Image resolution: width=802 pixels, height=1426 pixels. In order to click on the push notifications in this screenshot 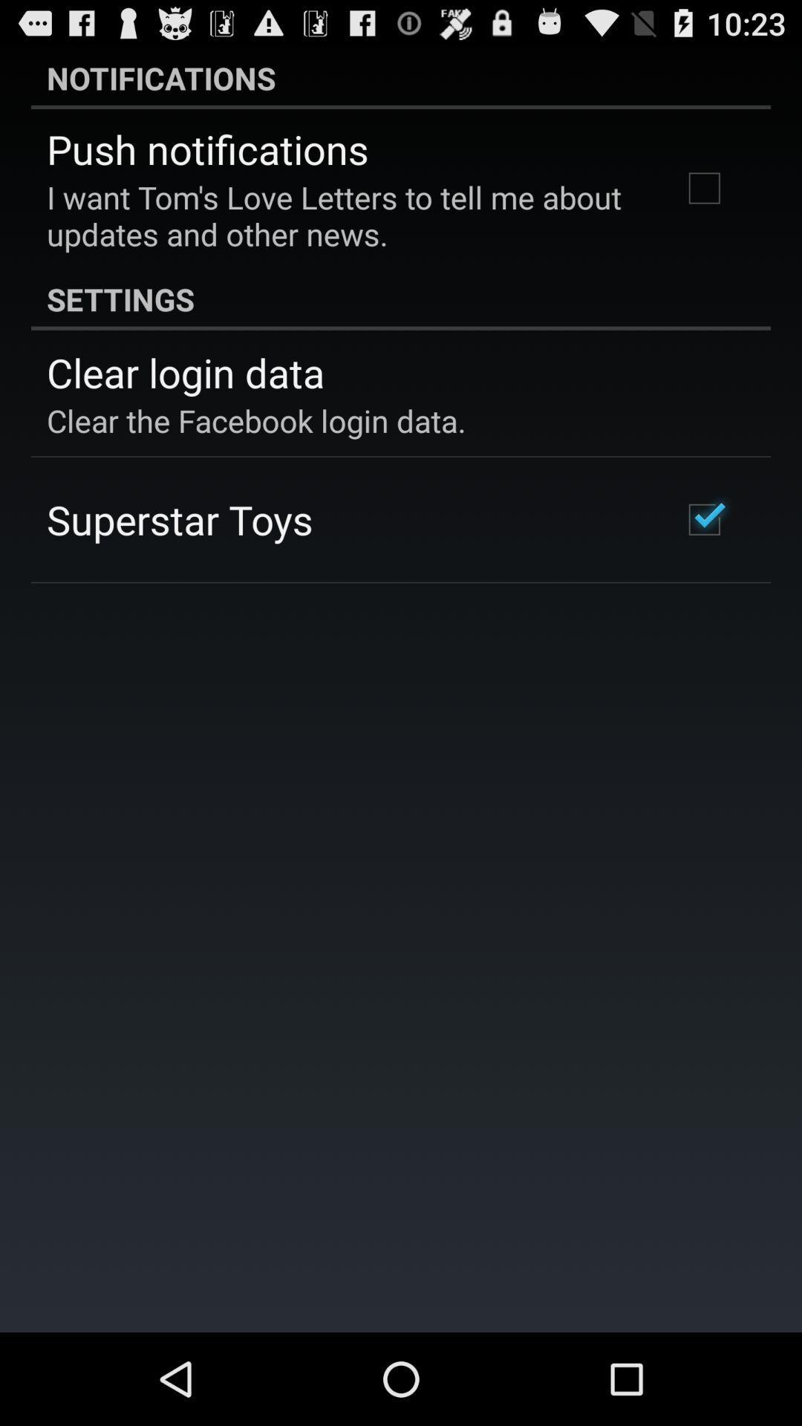, I will do `click(207, 149)`.